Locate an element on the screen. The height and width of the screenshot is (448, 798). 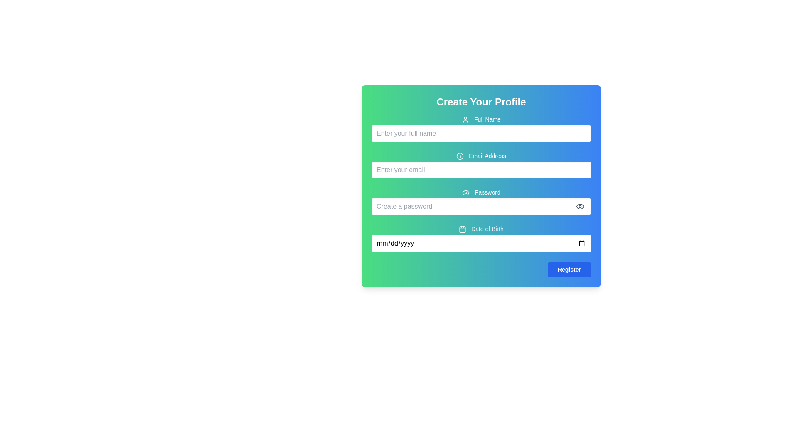
the button with an icon for toggling functionality, located to the far right of the password input field is located at coordinates (580, 206).